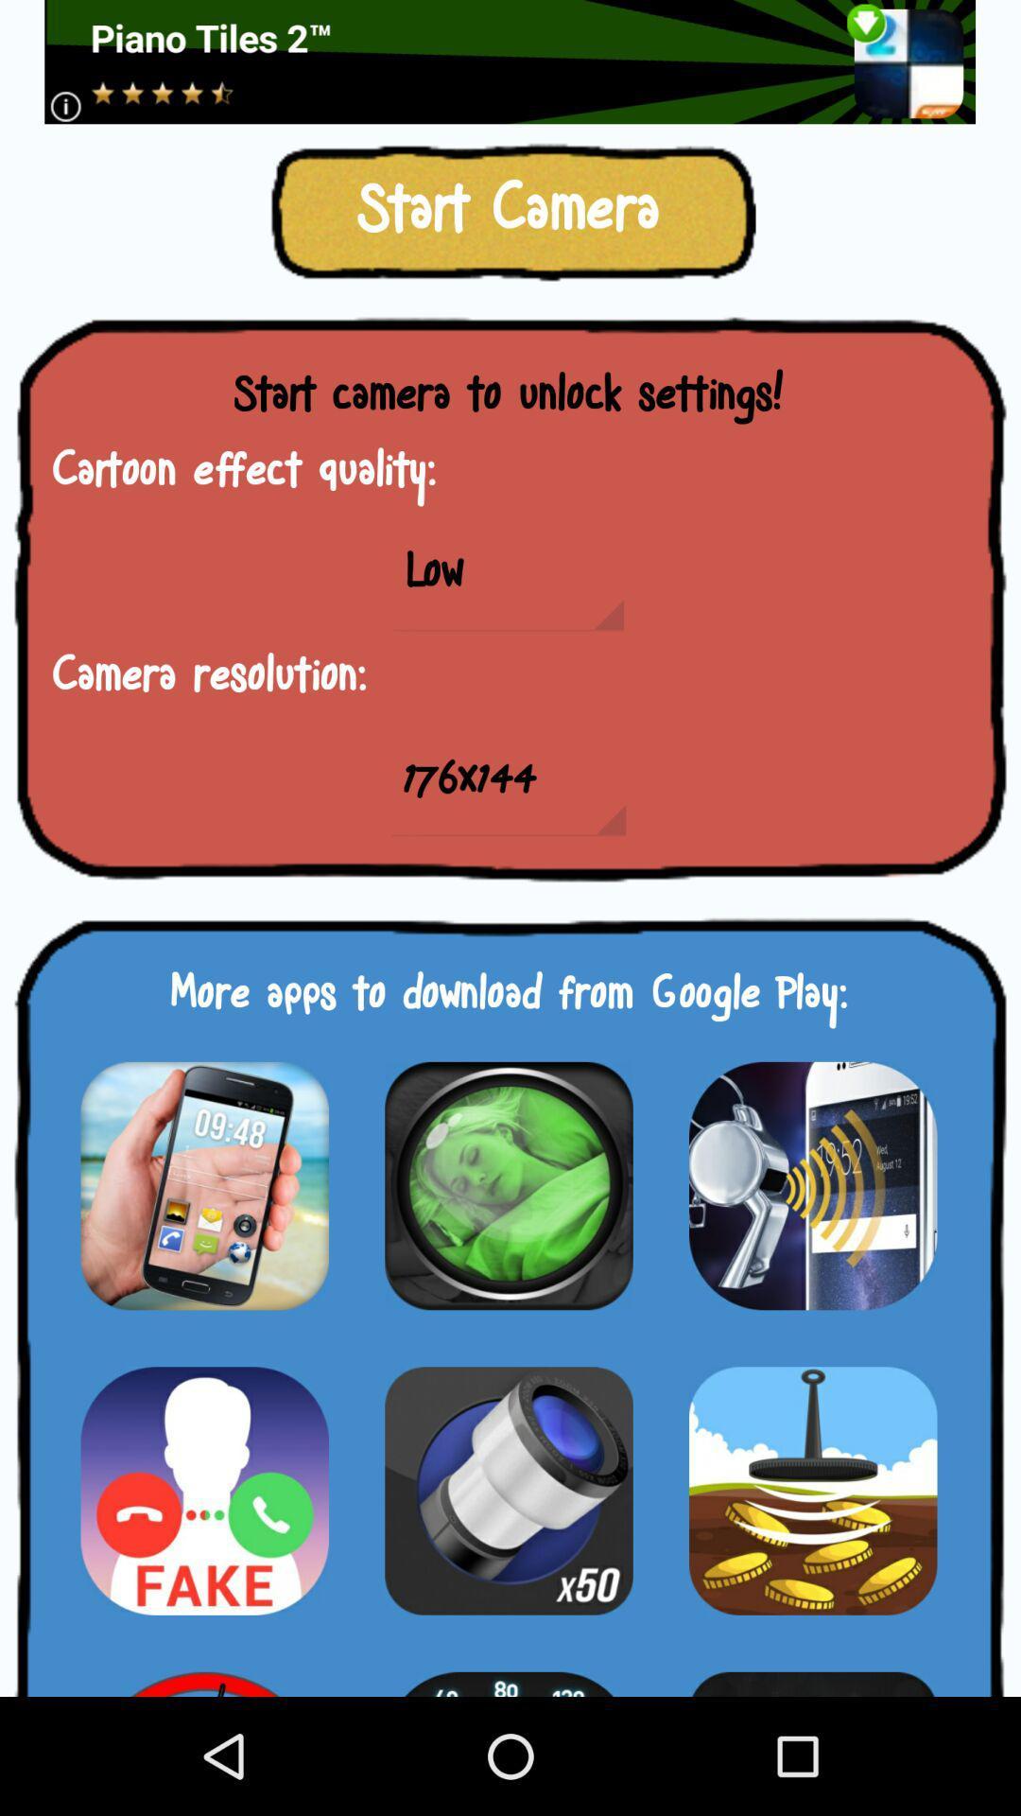 This screenshot has width=1021, height=1816. I want to click on camera, so click(508, 1490).